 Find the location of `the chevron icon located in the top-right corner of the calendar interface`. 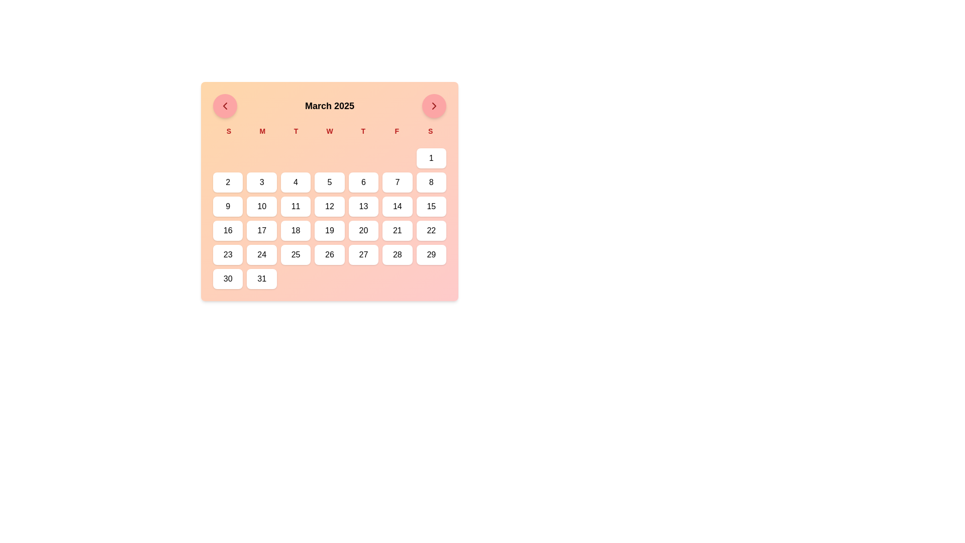

the chevron icon located in the top-right corner of the calendar interface is located at coordinates (434, 106).